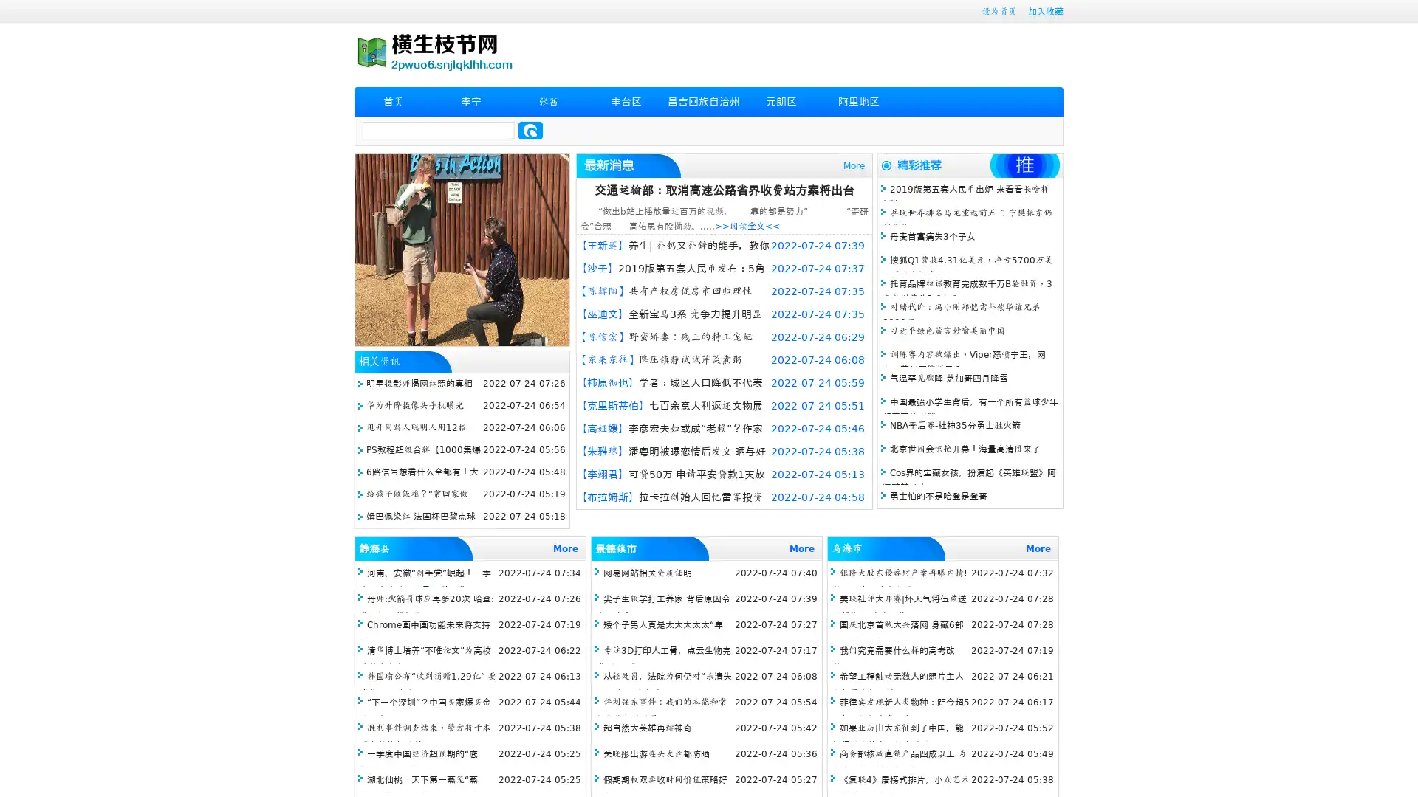 This screenshot has width=1418, height=797. Describe the element at coordinates (530, 130) in the screenshot. I see `Search` at that location.